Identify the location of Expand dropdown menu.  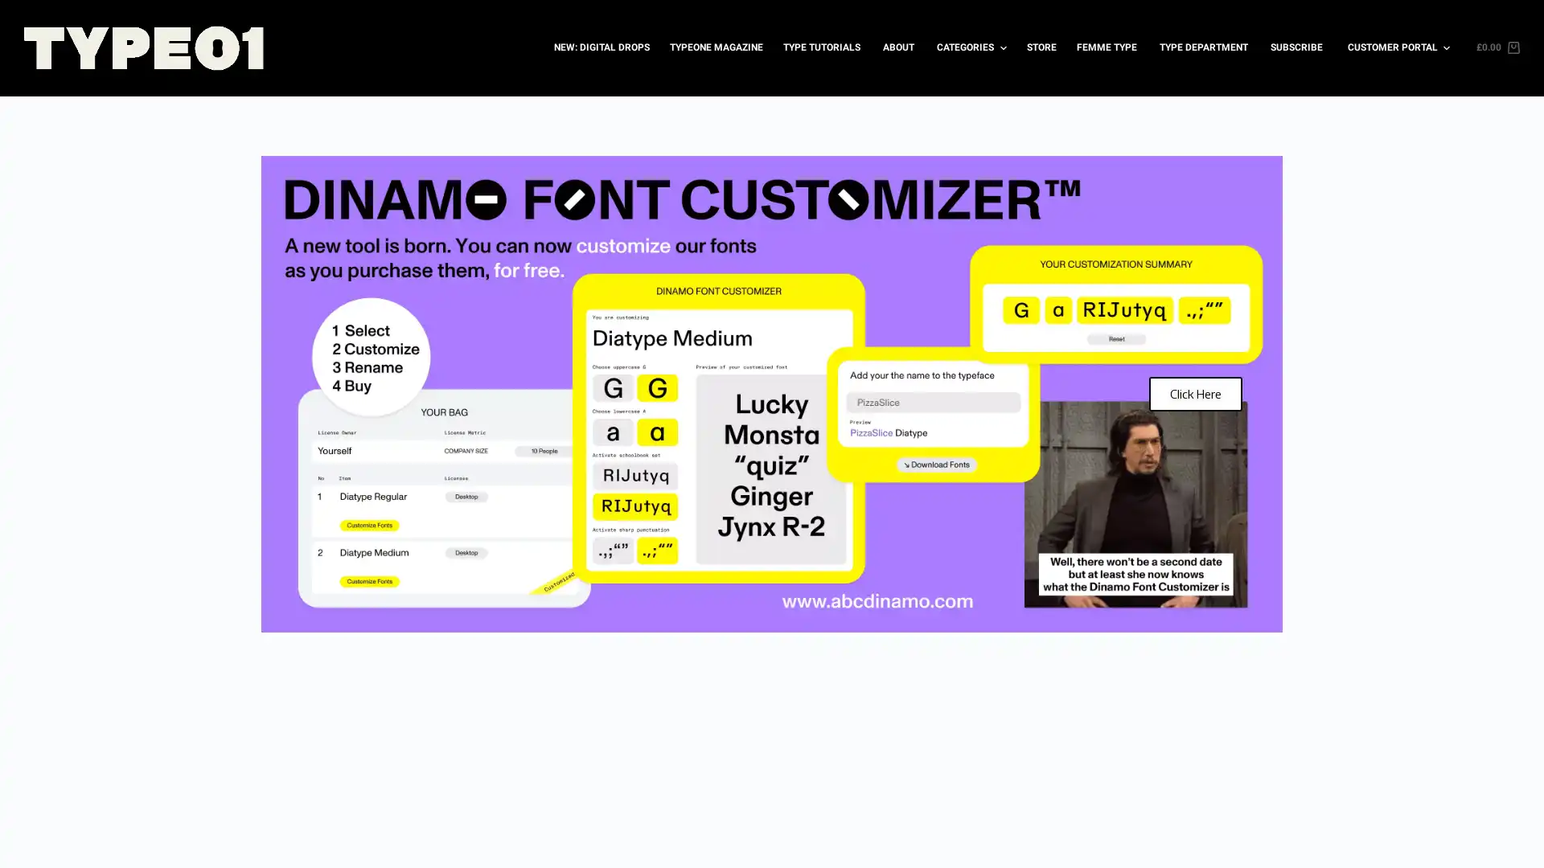
(1447, 47).